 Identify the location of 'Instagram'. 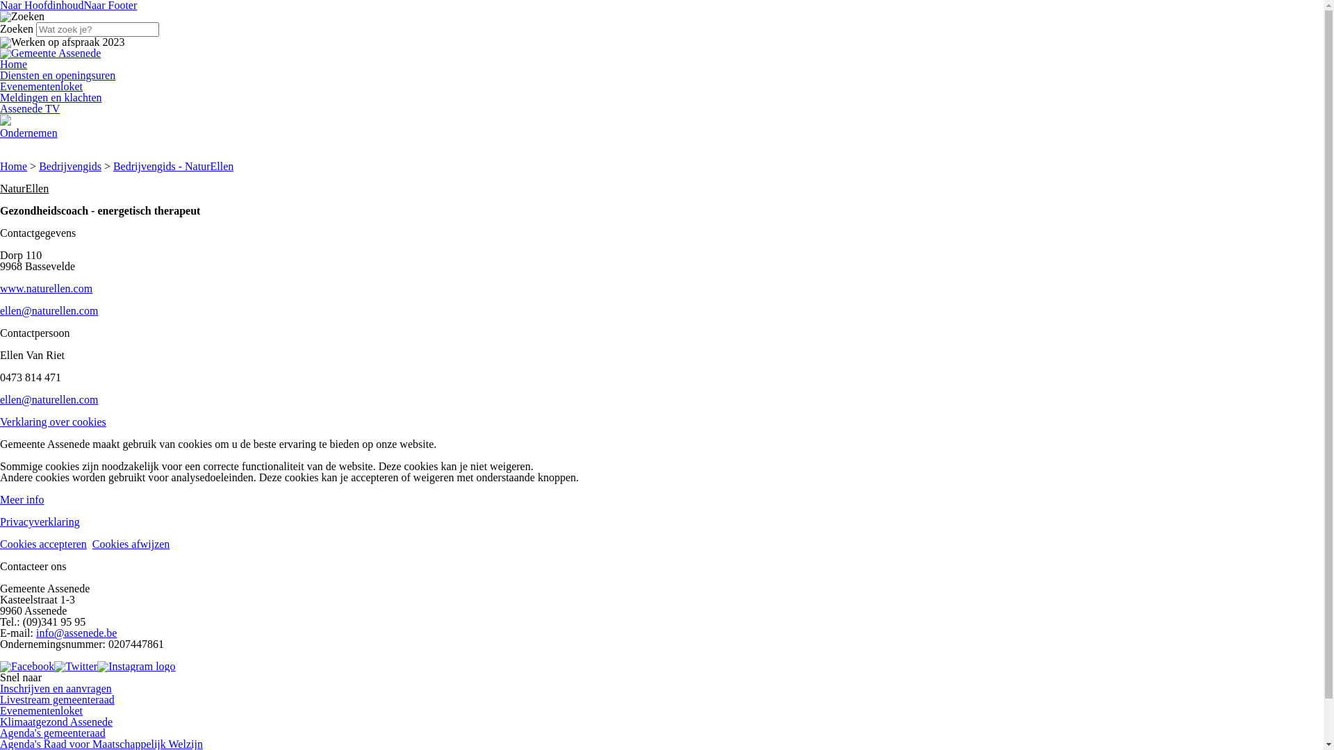
(136, 665).